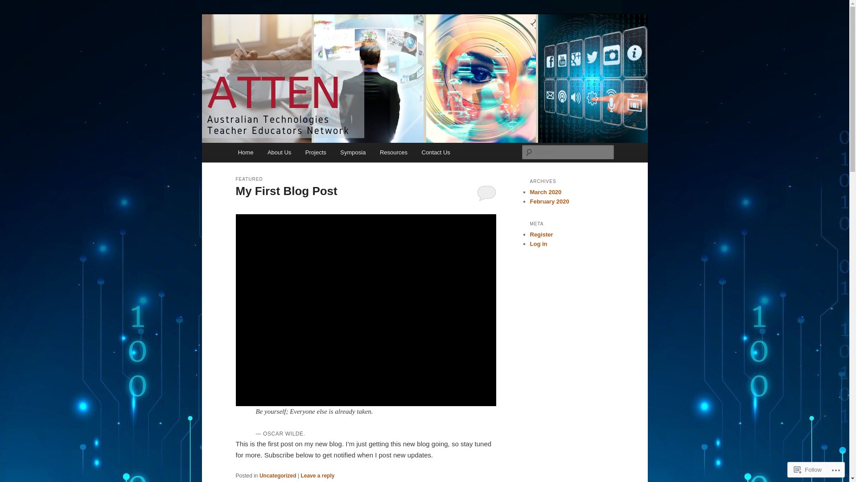 This screenshot has height=482, width=856. Describe the element at coordinates (353, 152) in the screenshot. I see `'Symposia'` at that location.